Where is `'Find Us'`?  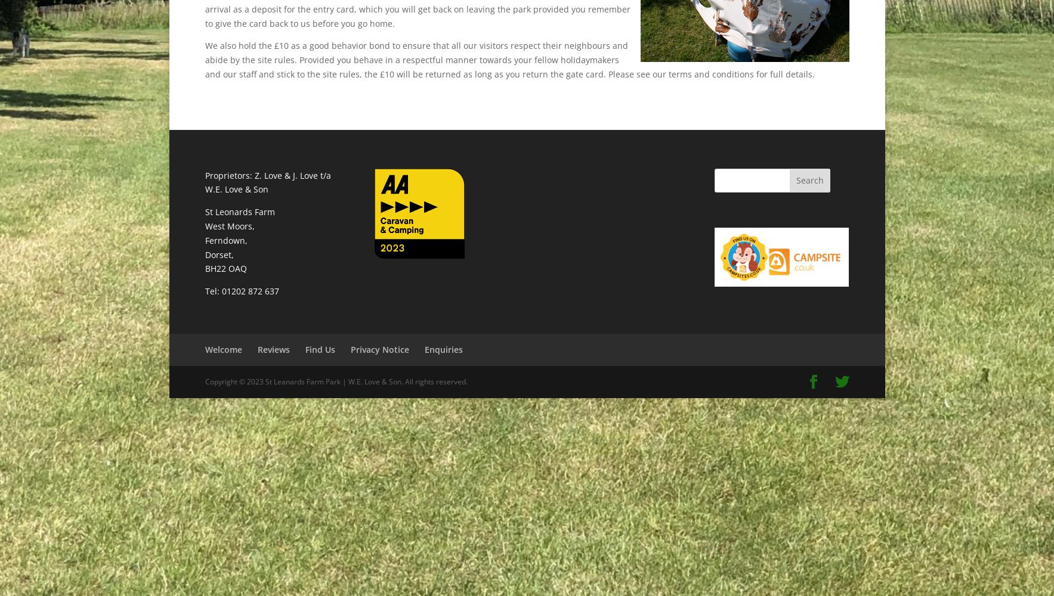 'Find Us' is located at coordinates (305, 349).